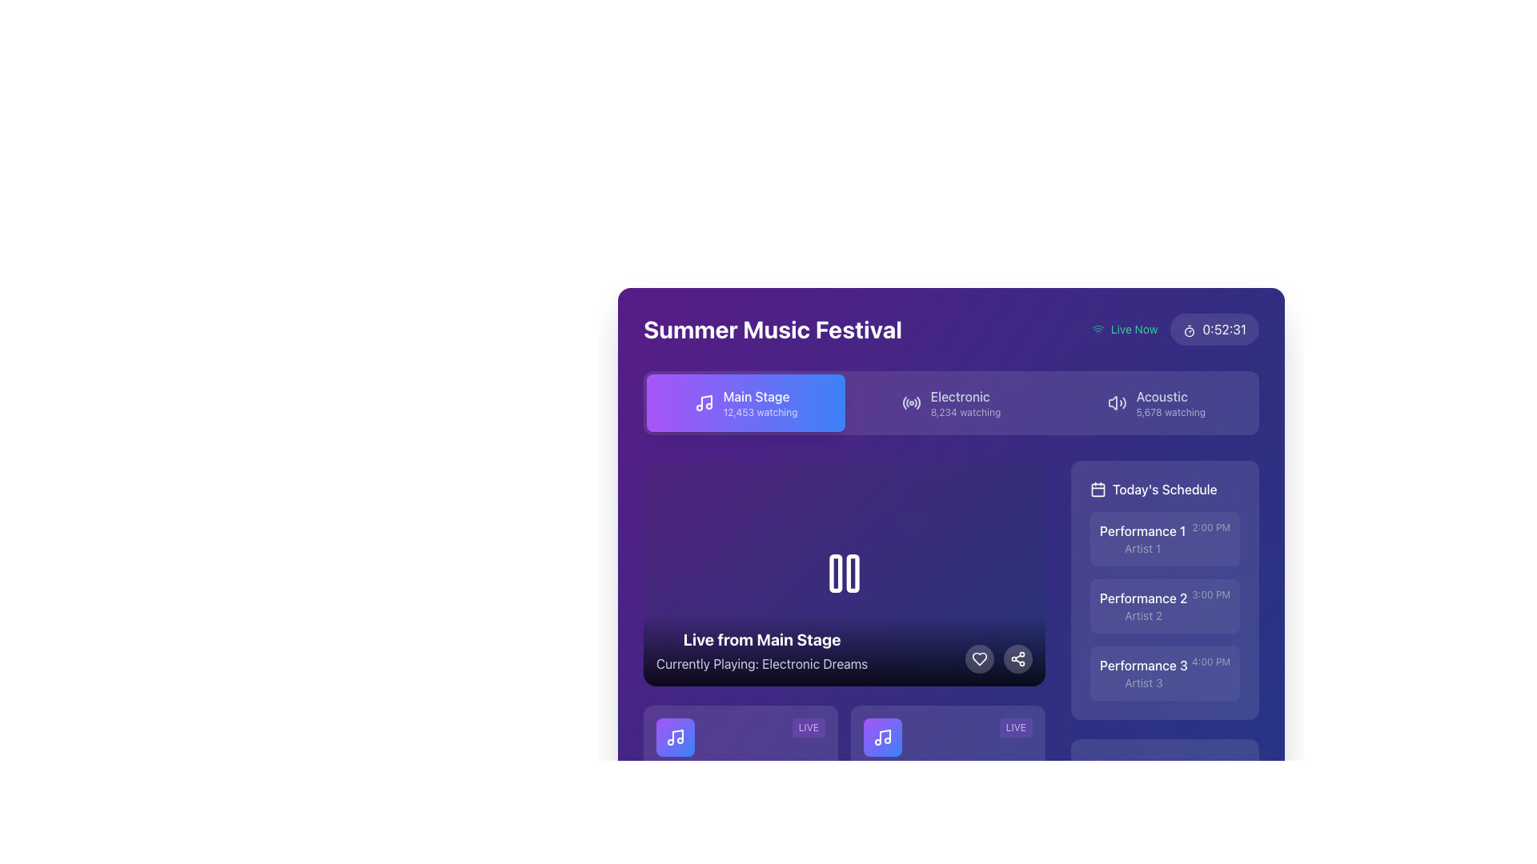  Describe the element at coordinates (1142, 606) in the screenshot. I see `the Information Display Box that shows the scheduled performance details, positioned under 'Performance 1' and above 'Performance 3' in the 'Today's Schedule' section` at that location.